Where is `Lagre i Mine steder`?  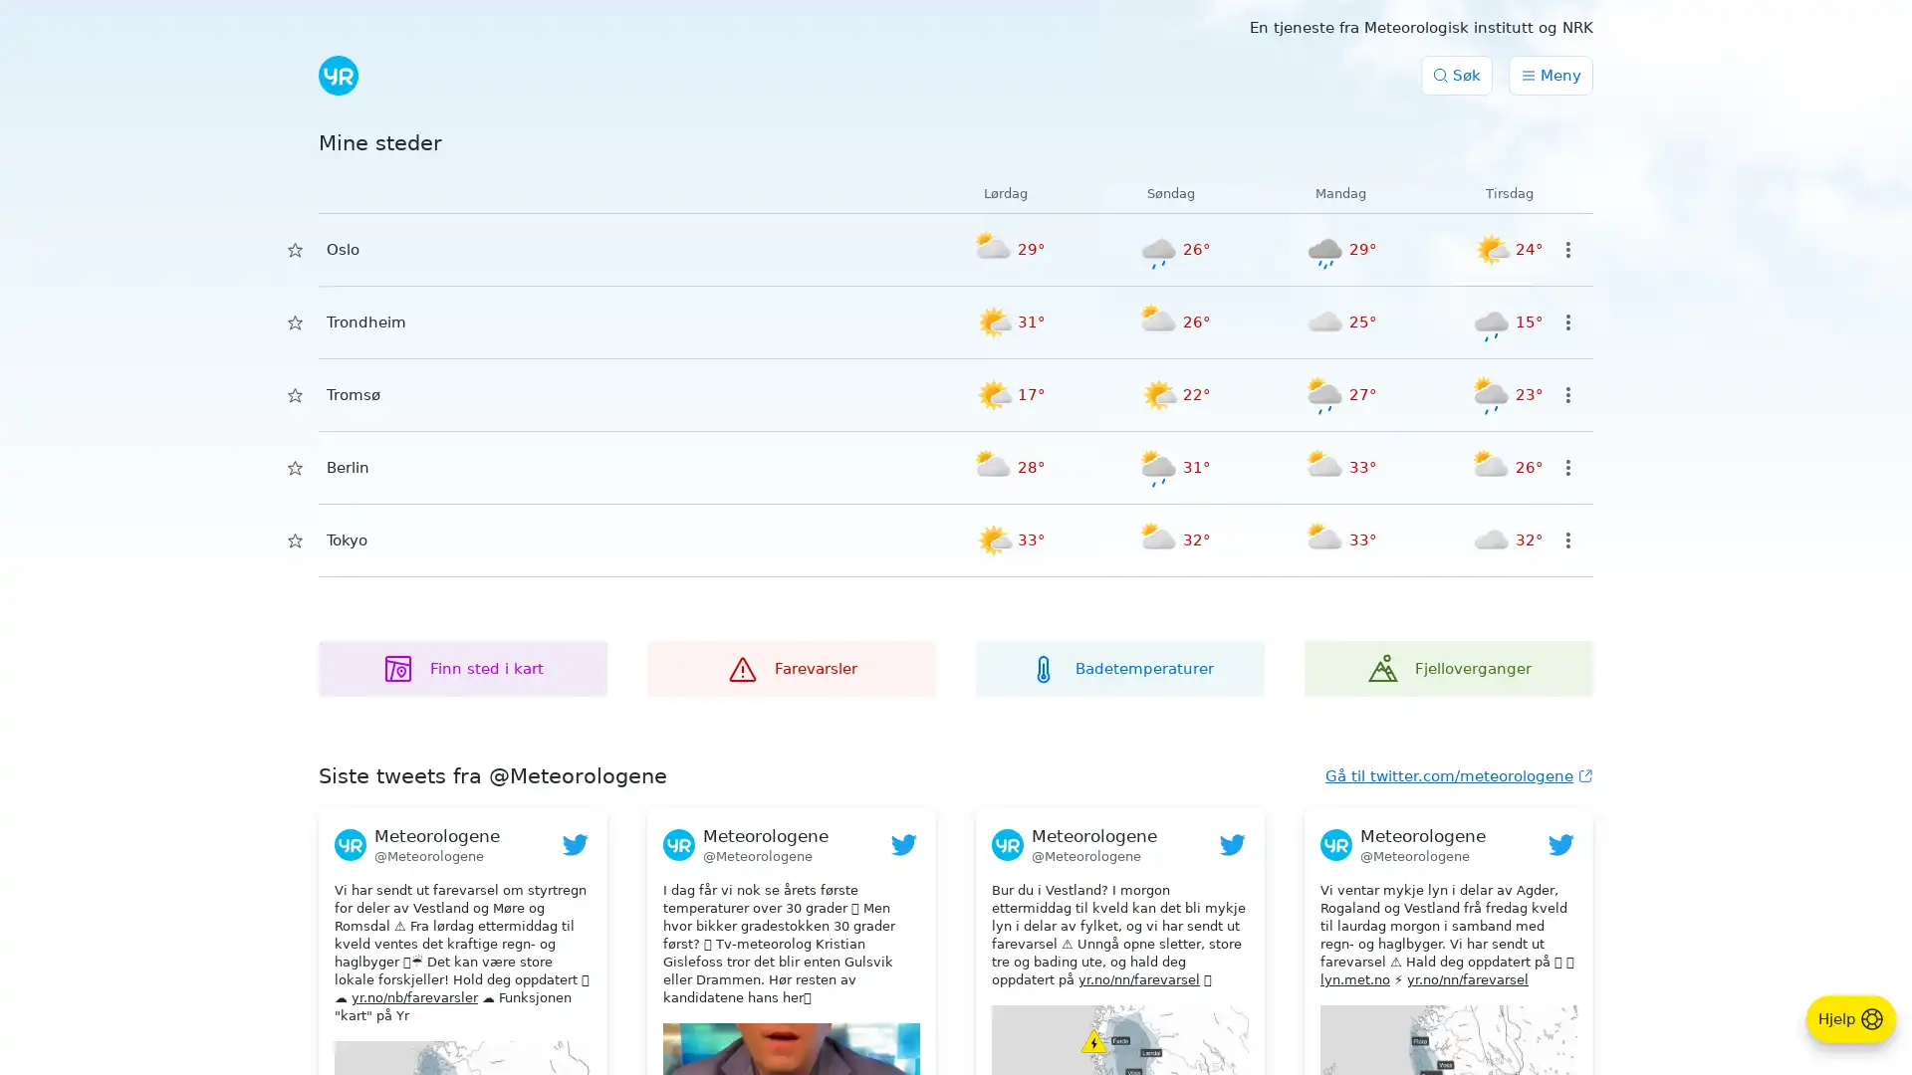
Lagre i Mine steder is located at coordinates (294, 322).